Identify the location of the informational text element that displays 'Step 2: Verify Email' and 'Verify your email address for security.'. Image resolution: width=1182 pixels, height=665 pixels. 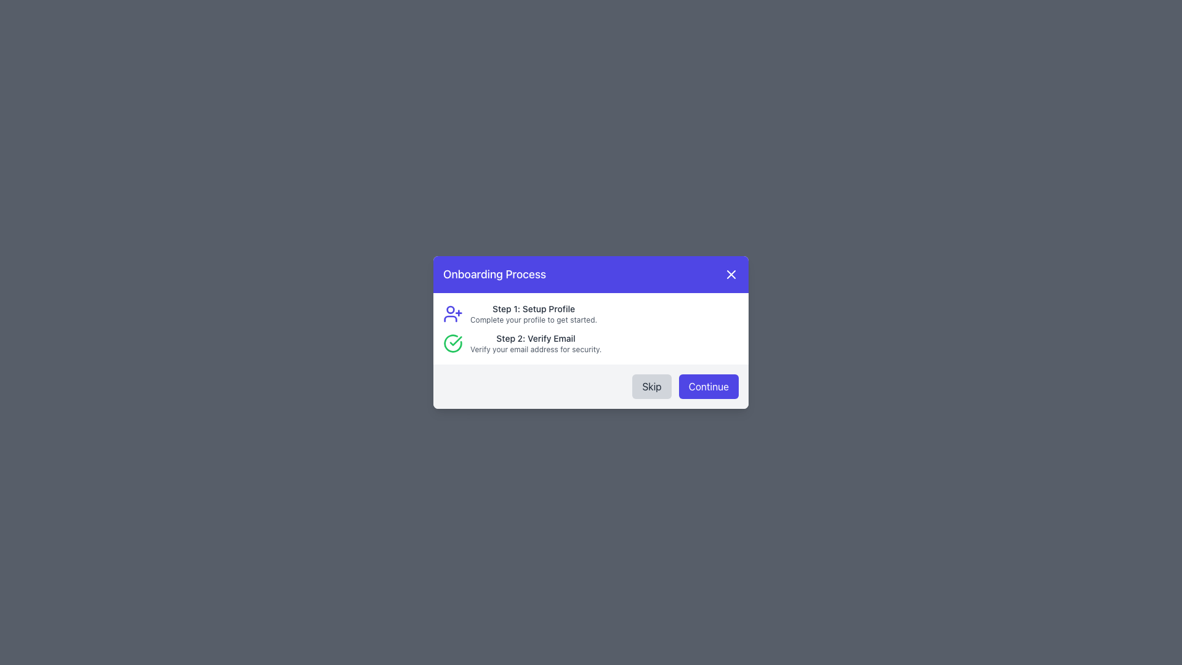
(536, 344).